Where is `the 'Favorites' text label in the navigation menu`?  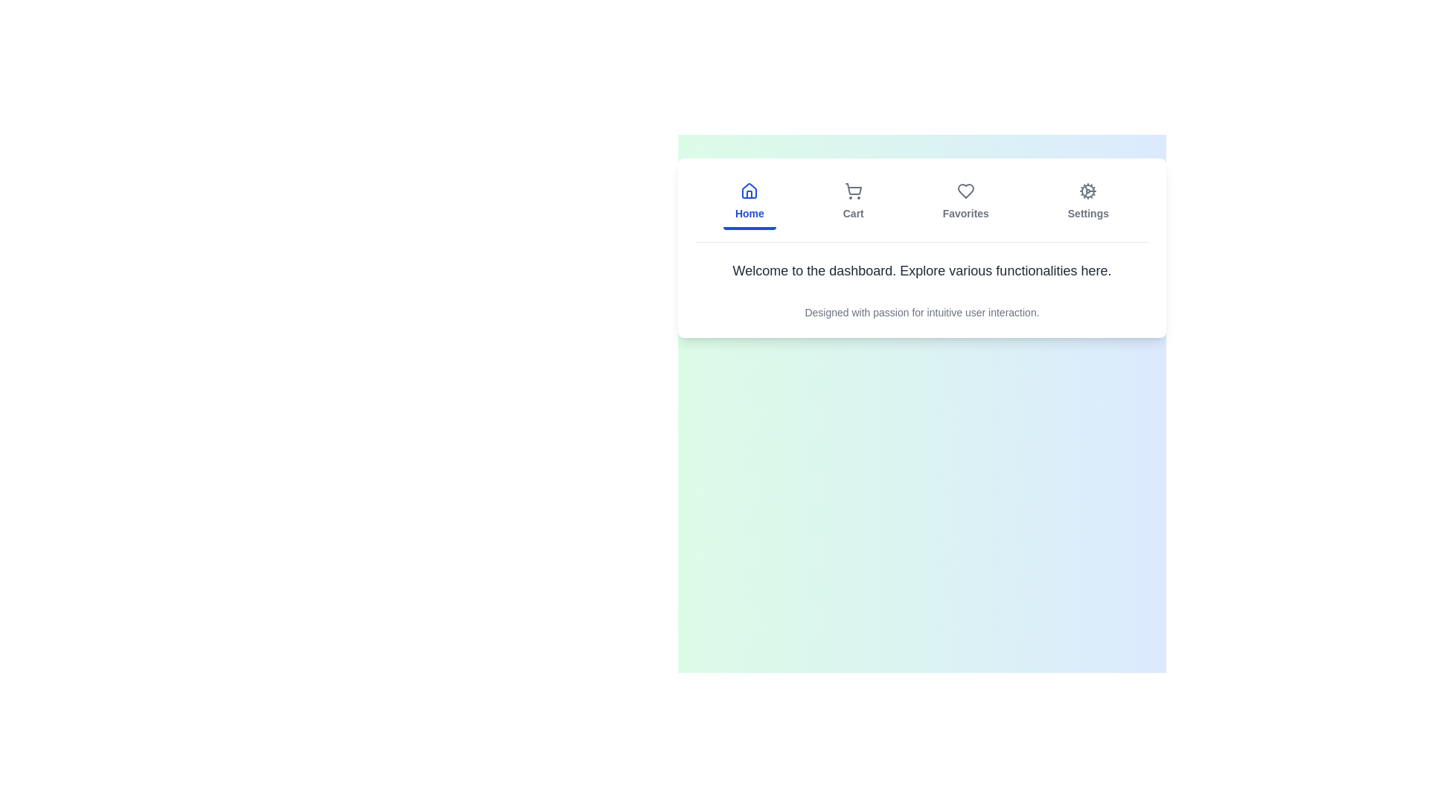 the 'Favorites' text label in the navigation menu is located at coordinates (965, 213).